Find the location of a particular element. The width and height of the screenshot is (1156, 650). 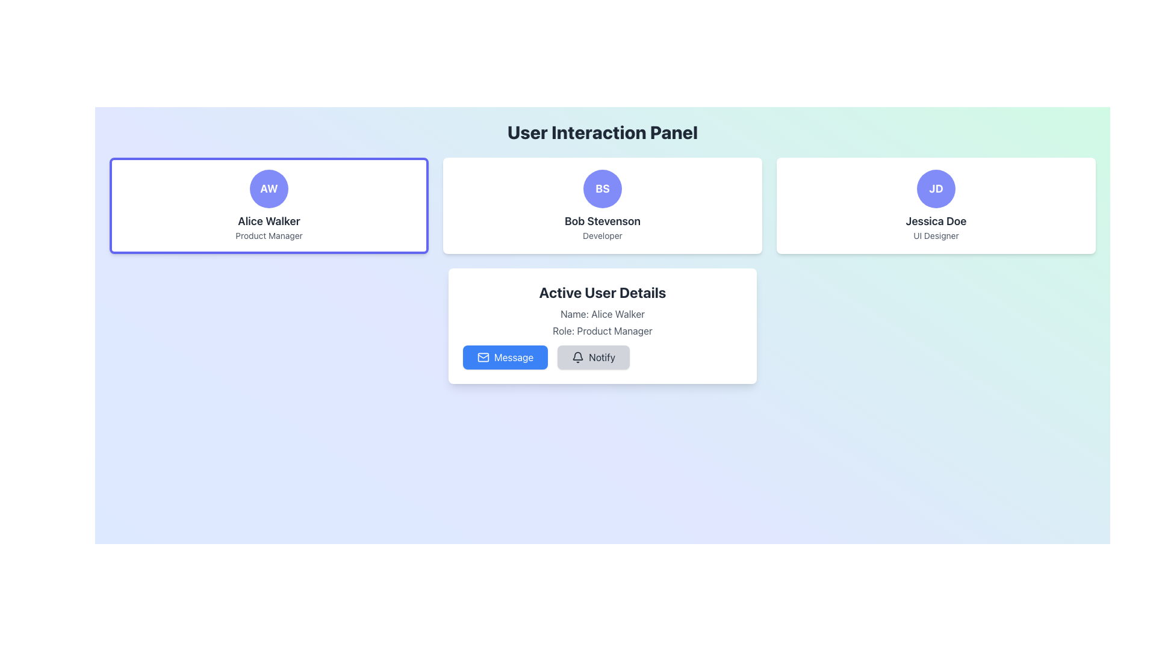

the blue button labeled 'Message' with a mail icon on the left to observe its hover effect is located at coordinates (505, 357).